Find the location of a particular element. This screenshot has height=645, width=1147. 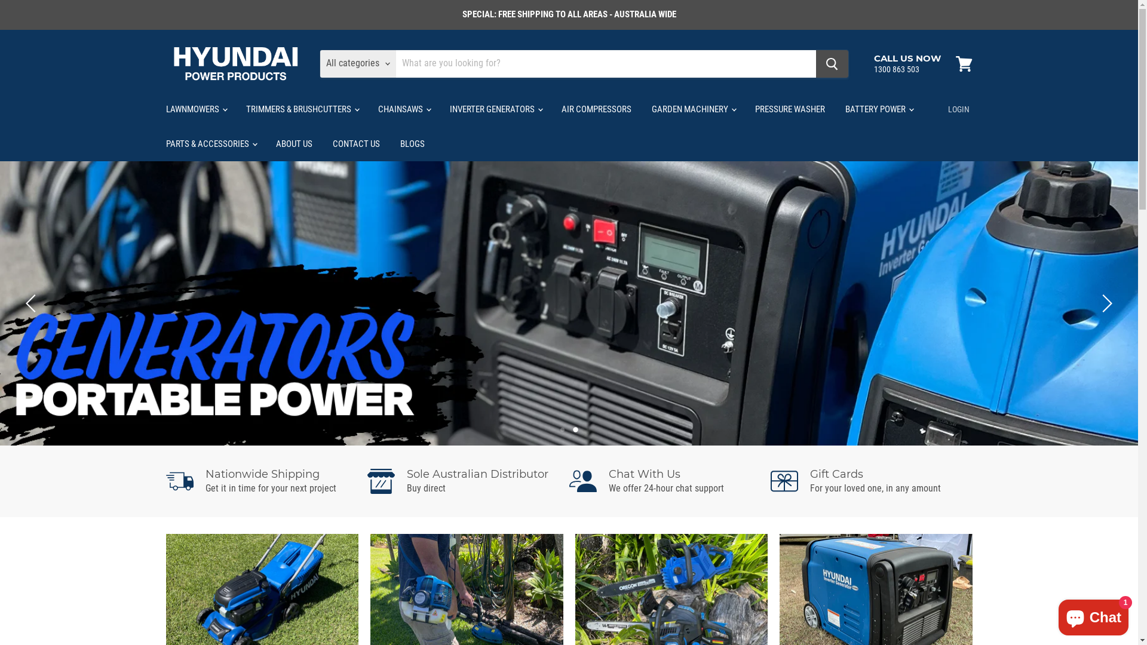

'BATTERY POWER' is located at coordinates (836, 109).